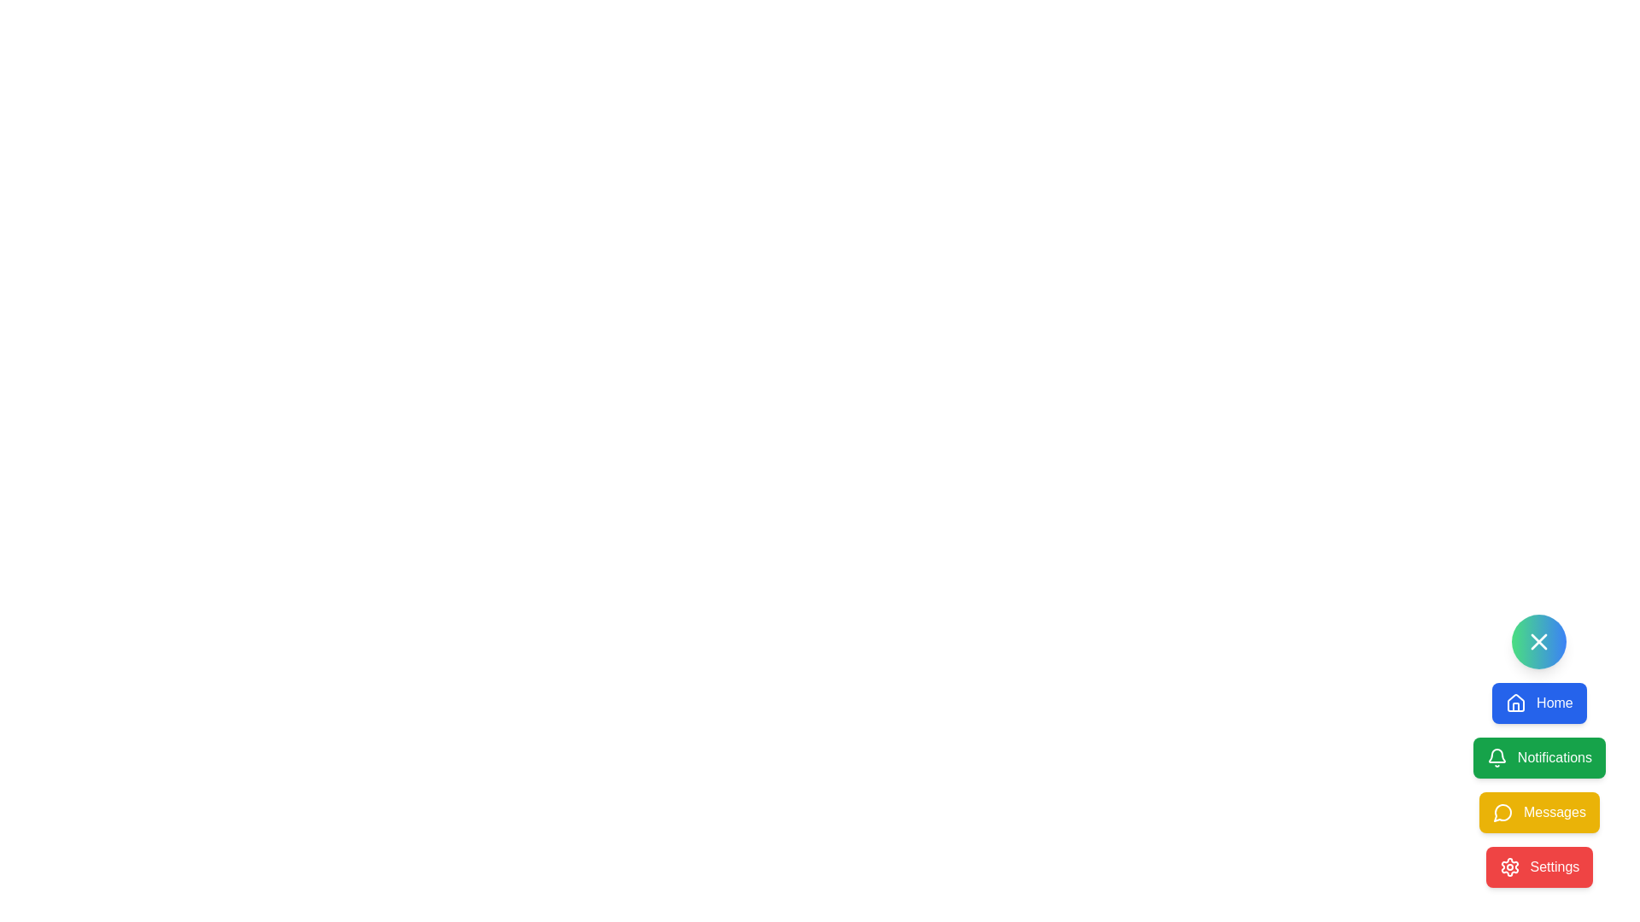  What do you see at coordinates (1539, 750) in the screenshot?
I see `the notifications button located below the blue 'Home' button and above the yellow 'Messages' button to observe any hover effects` at bounding box center [1539, 750].